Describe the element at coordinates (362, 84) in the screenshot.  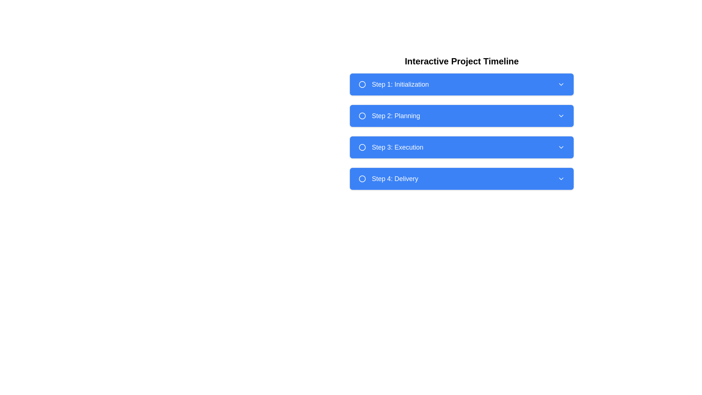
I see `the first circular icon with a hollow center and white stroke, located beside the text 'Step 1: Initialization'` at that location.